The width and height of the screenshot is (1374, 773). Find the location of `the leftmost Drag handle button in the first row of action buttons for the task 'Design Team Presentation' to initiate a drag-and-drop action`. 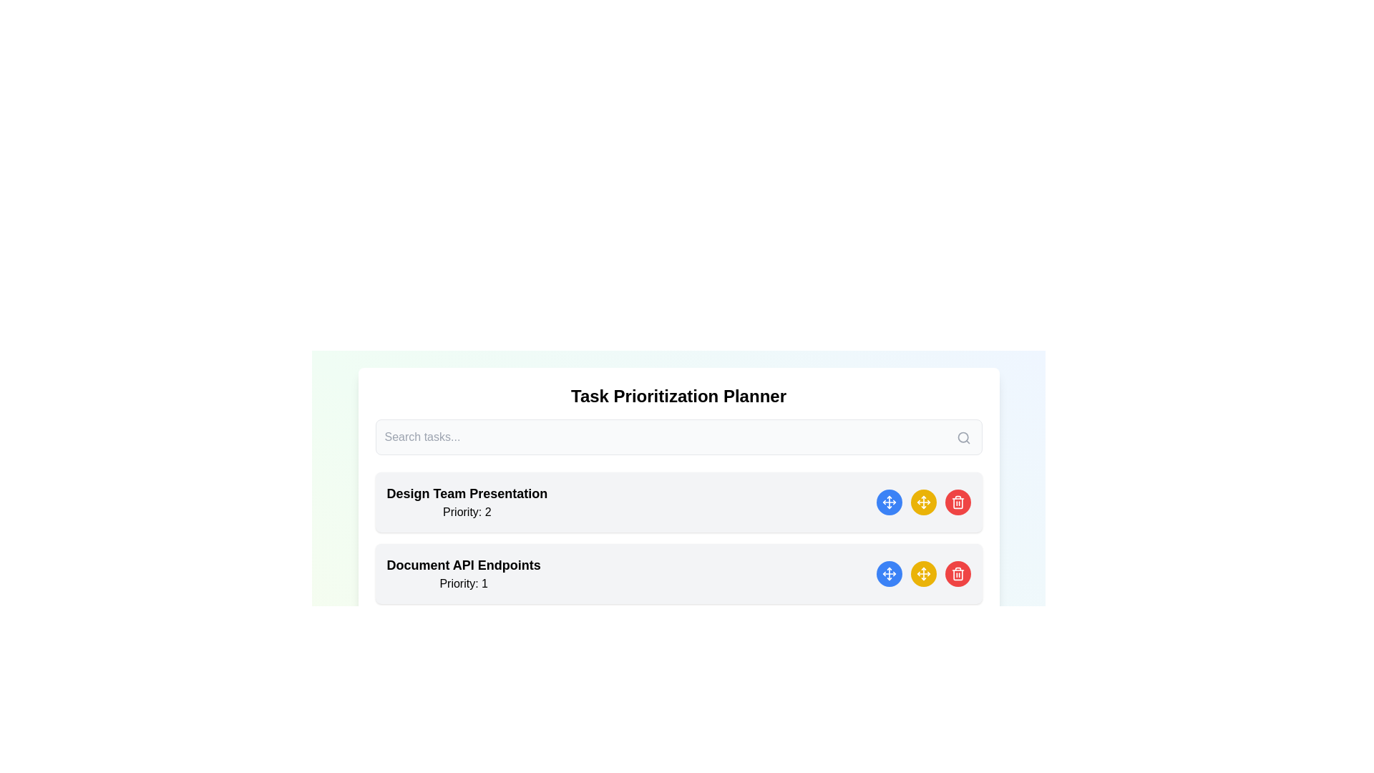

the leftmost Drag handle button in the first row of action buttons for the task 'Design Team Presentation' to initiate a drag-and-drop action is located at coordinates (888, 502).